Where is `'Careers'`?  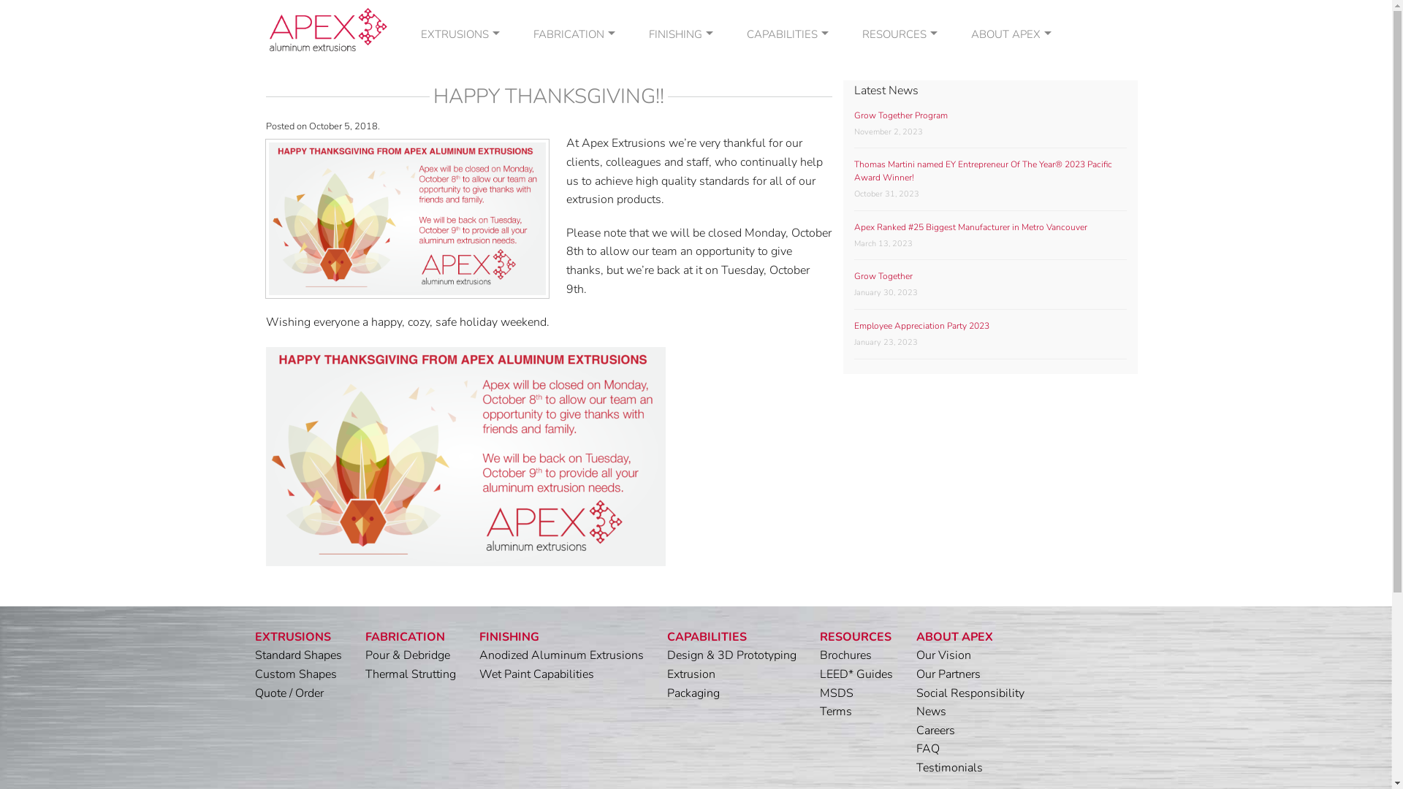 'Careers' is located at coordinates (935, 730).